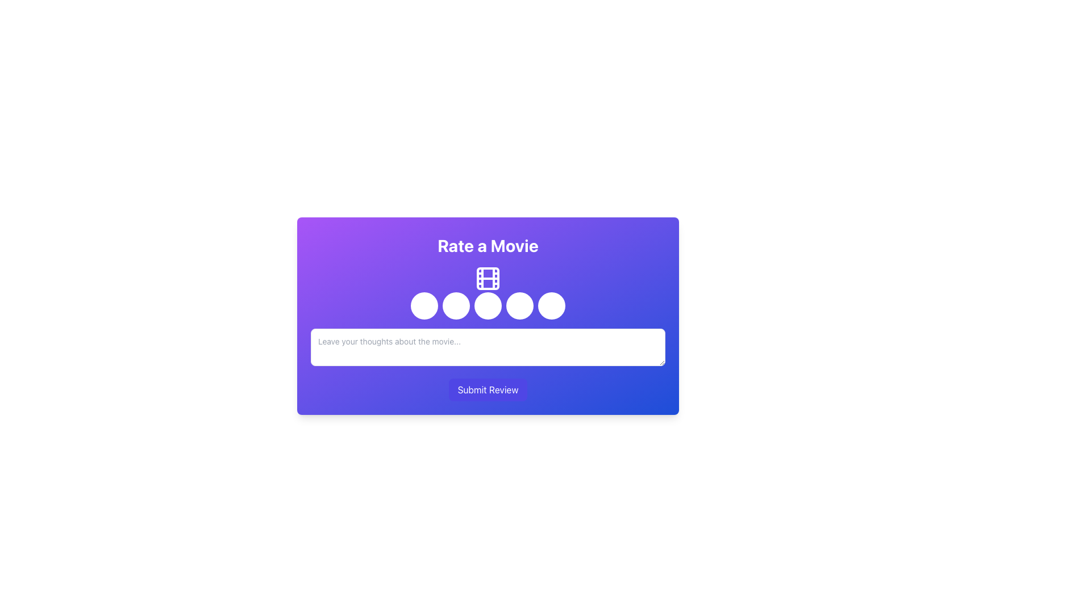  Describe the element at coordinates (488, 305) in the screenshot. I see `the third button` at that location.